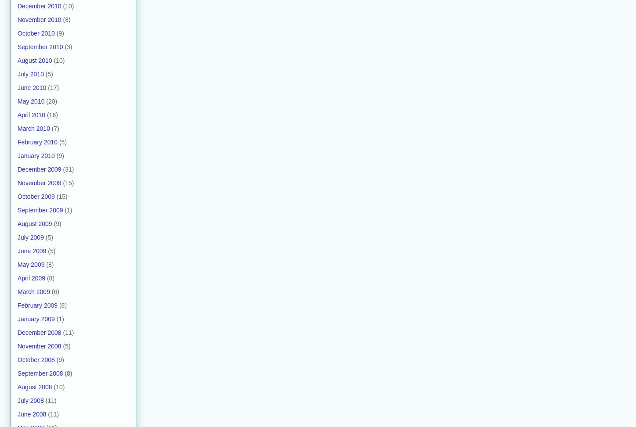  Describe the element at coordinates (40, 210) in the screenshot. I see `'September 2009'` at that location.